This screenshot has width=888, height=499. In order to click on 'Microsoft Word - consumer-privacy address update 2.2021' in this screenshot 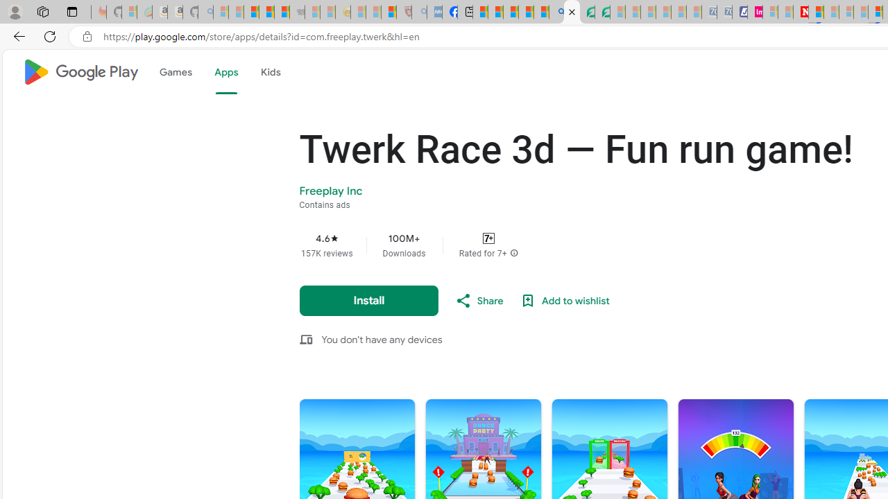, I will do `click(602, 12)`.